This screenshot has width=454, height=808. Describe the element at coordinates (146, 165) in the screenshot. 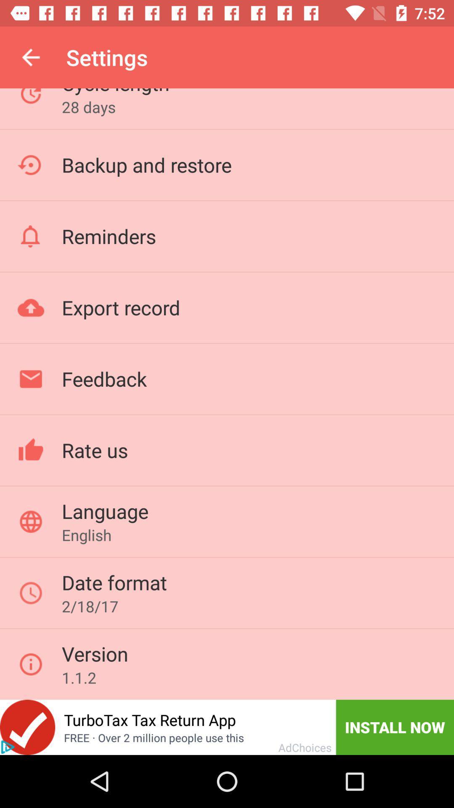

I see `icon above reminders` at that location.